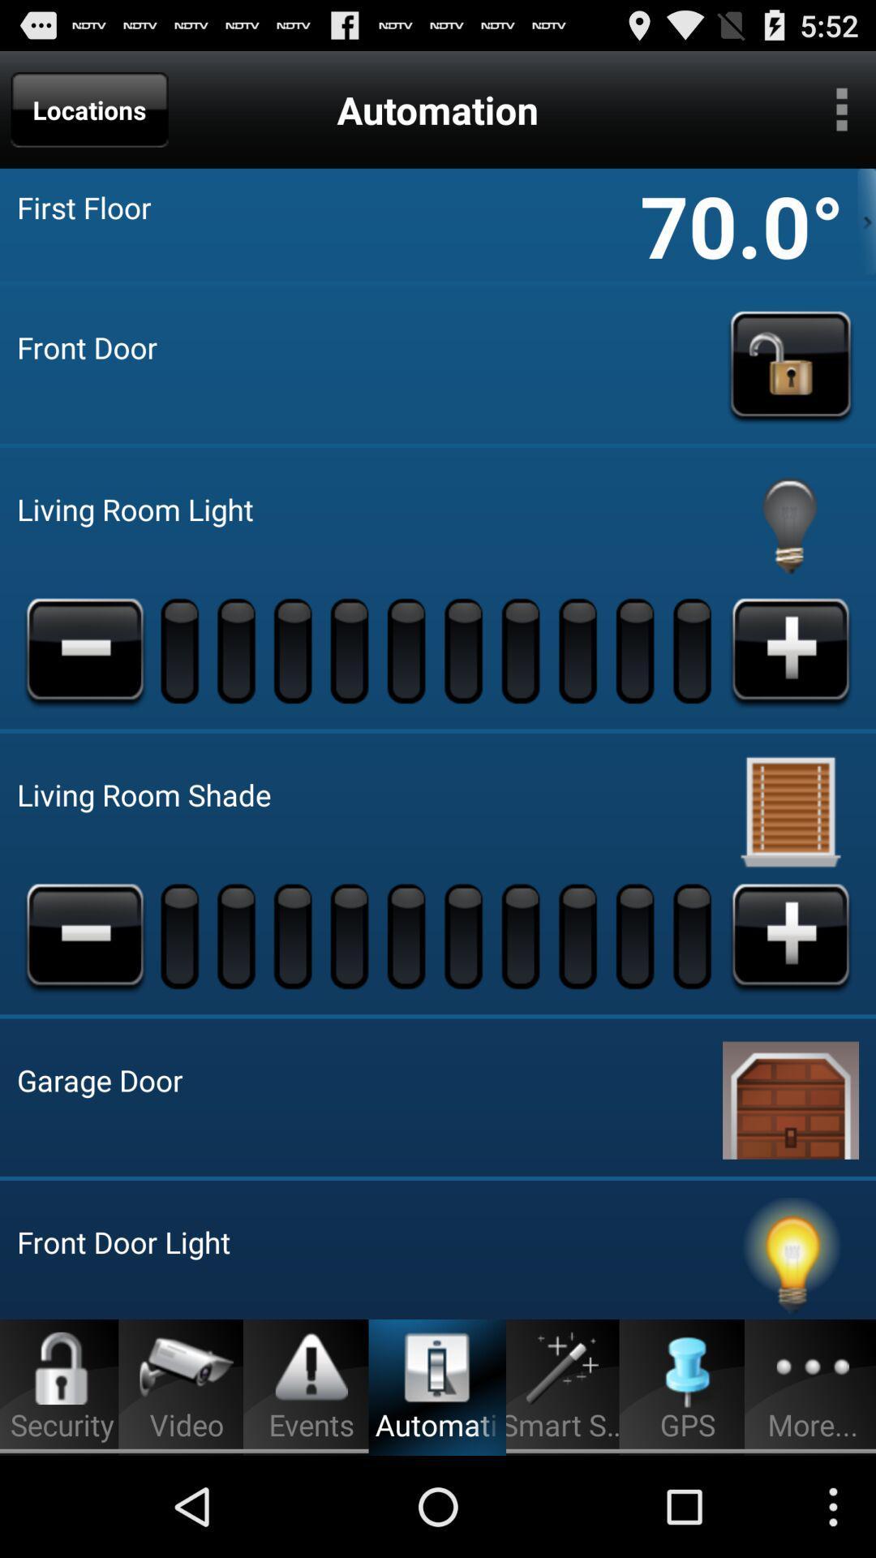 This screenshot has width=876, height=1558. Describe the element at coordinates (790, 527) in the screenshot. I see `press light bulb` at that location.